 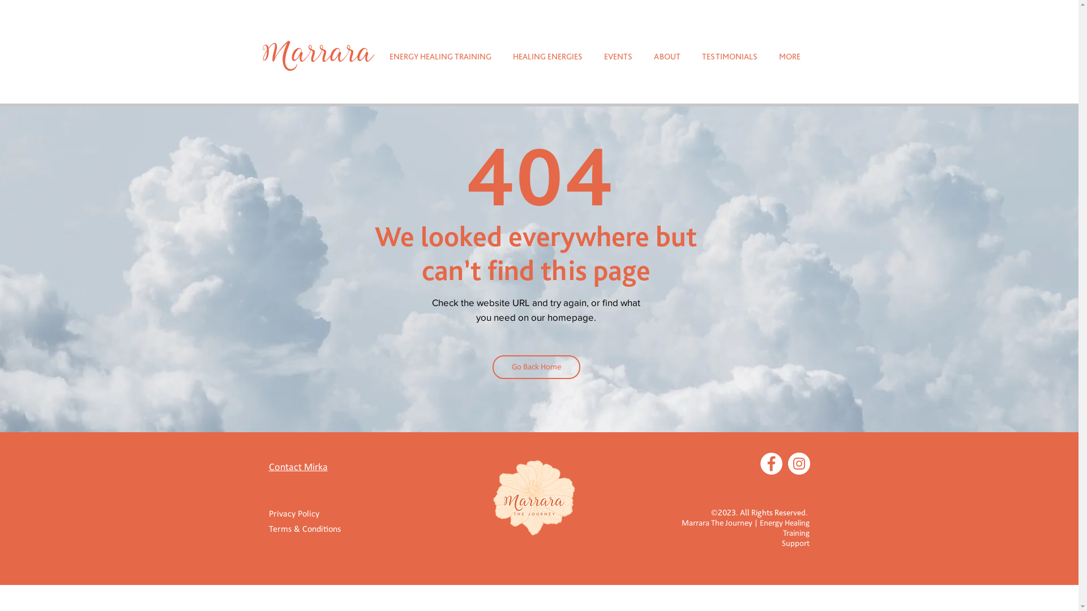 I want to click on 'ENERGY HEALING TRAINING', so click(x=439, y=57).